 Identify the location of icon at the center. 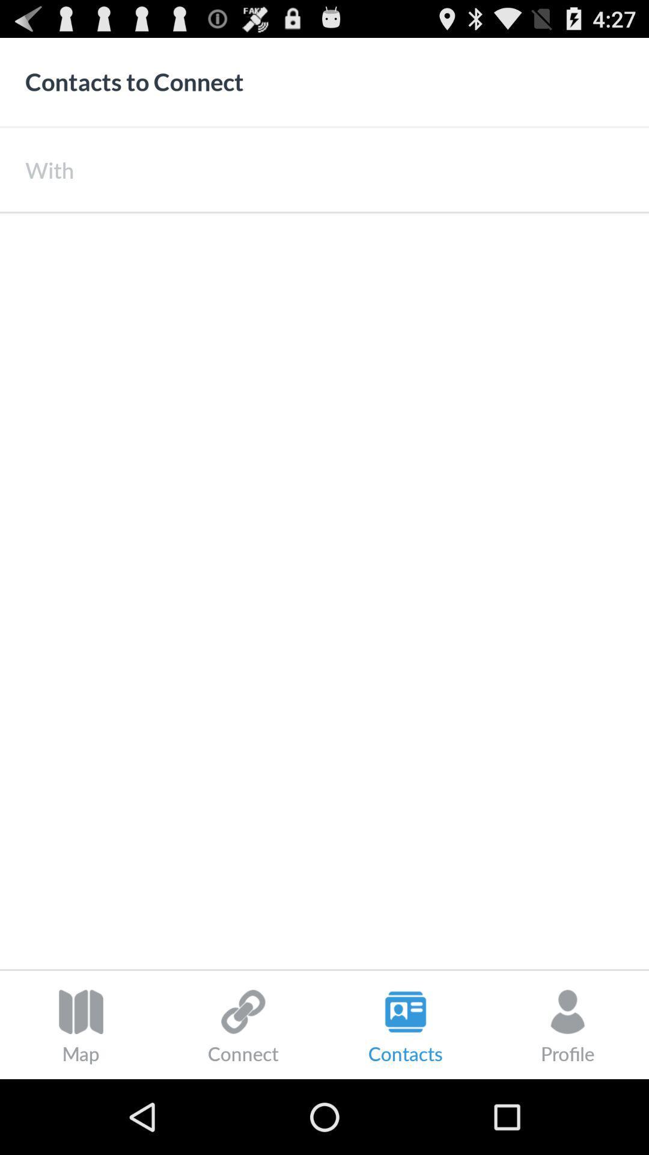
(324, 591).